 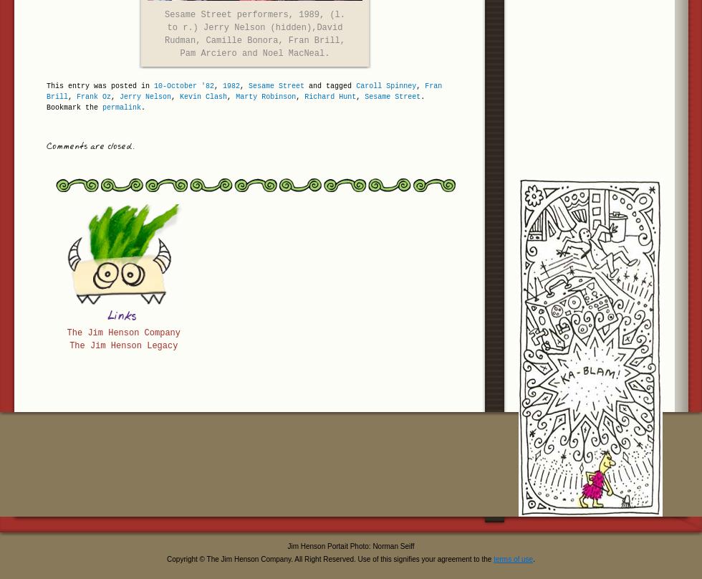 I want to click on 'Caroll Spinney', so click(x=355, y=85).